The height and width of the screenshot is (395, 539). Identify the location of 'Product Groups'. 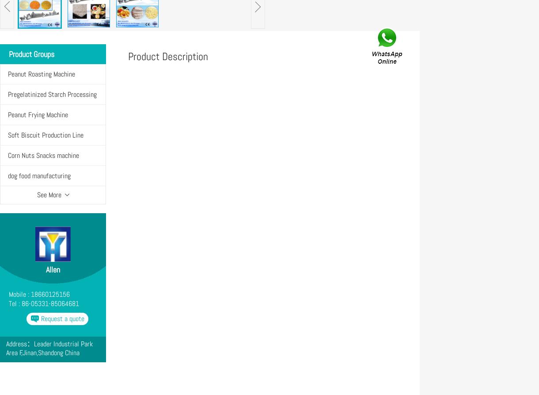
(9, 54).